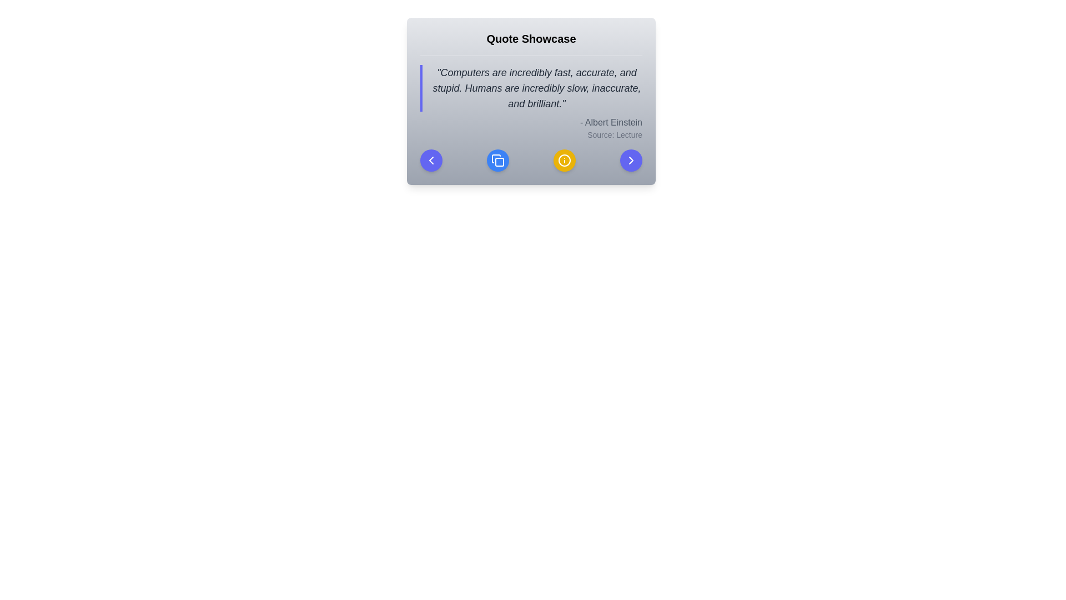 The image size is (1066, 600). Describe the element at coordinates (631, 161) in the screenshot. I see `the circular button with a purple background and a white chevron pointing to the right, located on the far right of a group of four circular buttons` at that location.